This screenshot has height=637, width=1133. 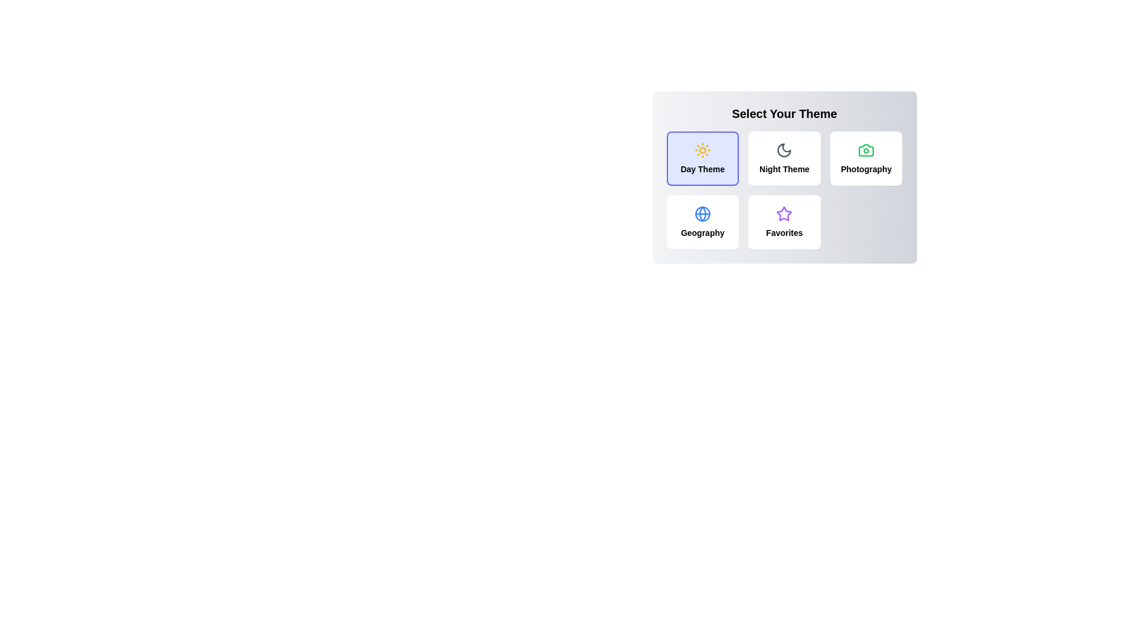 I want to click on the button with a green camera icon and the text 'Photography', so click(x=866, y=158).